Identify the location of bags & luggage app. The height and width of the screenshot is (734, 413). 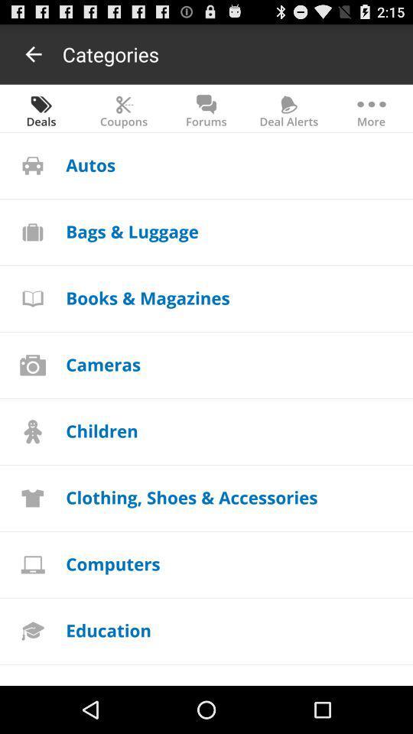
(132, 231).